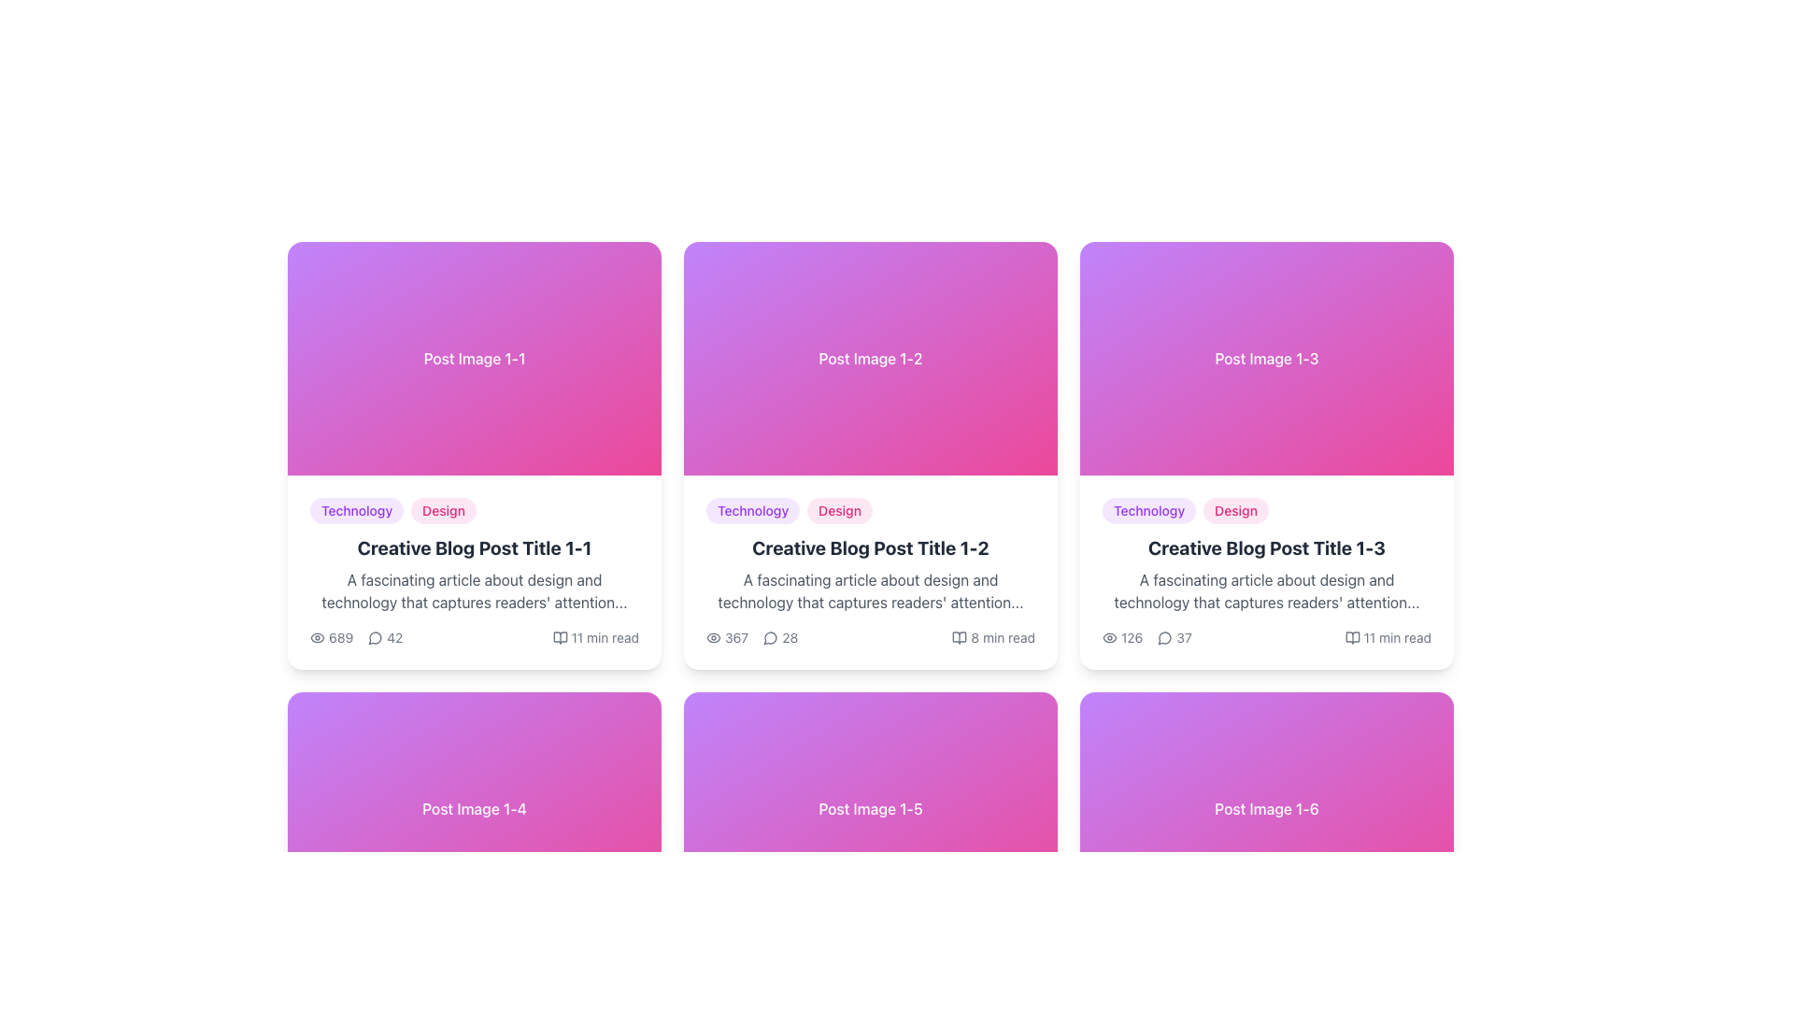  I want to click on the first card in the grid layout that presents a summary of a blog post for accessibility navigations, so click(475, 456).